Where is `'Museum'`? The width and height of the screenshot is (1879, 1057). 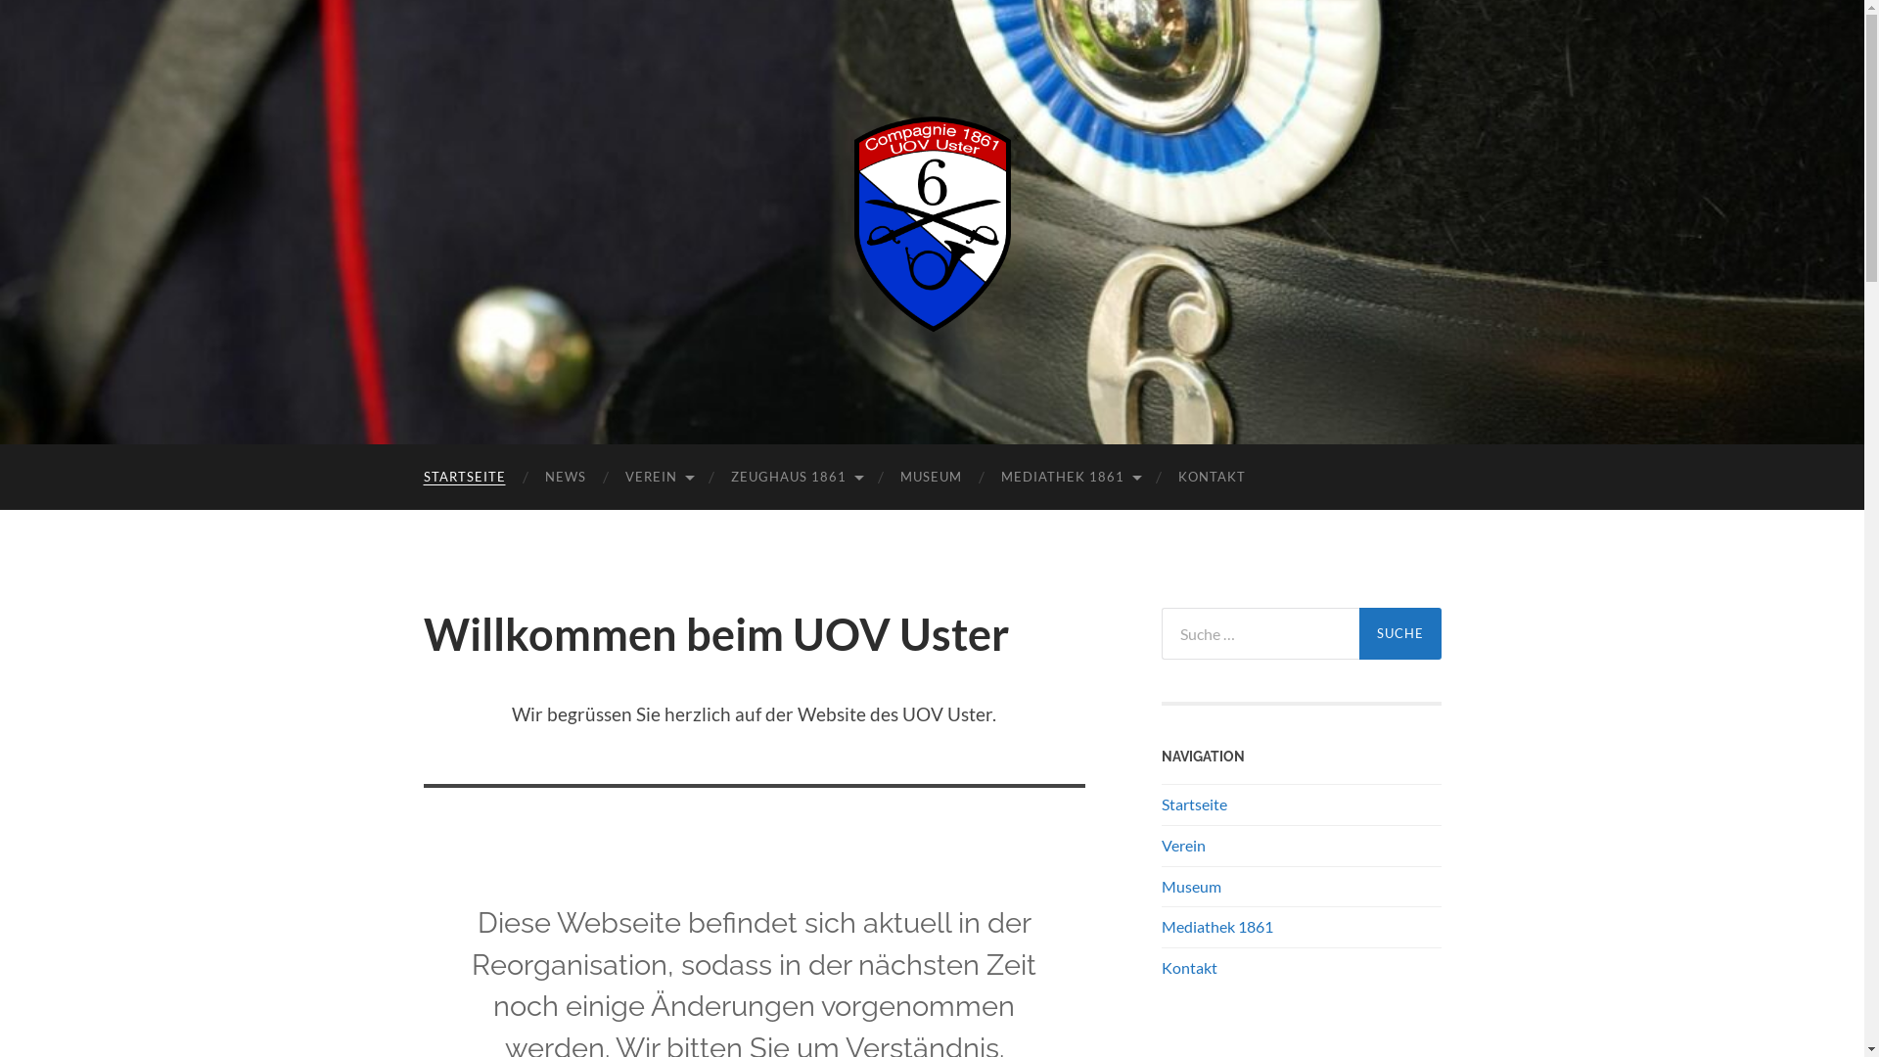
'Museum' is located at coordinates (1189, 886).